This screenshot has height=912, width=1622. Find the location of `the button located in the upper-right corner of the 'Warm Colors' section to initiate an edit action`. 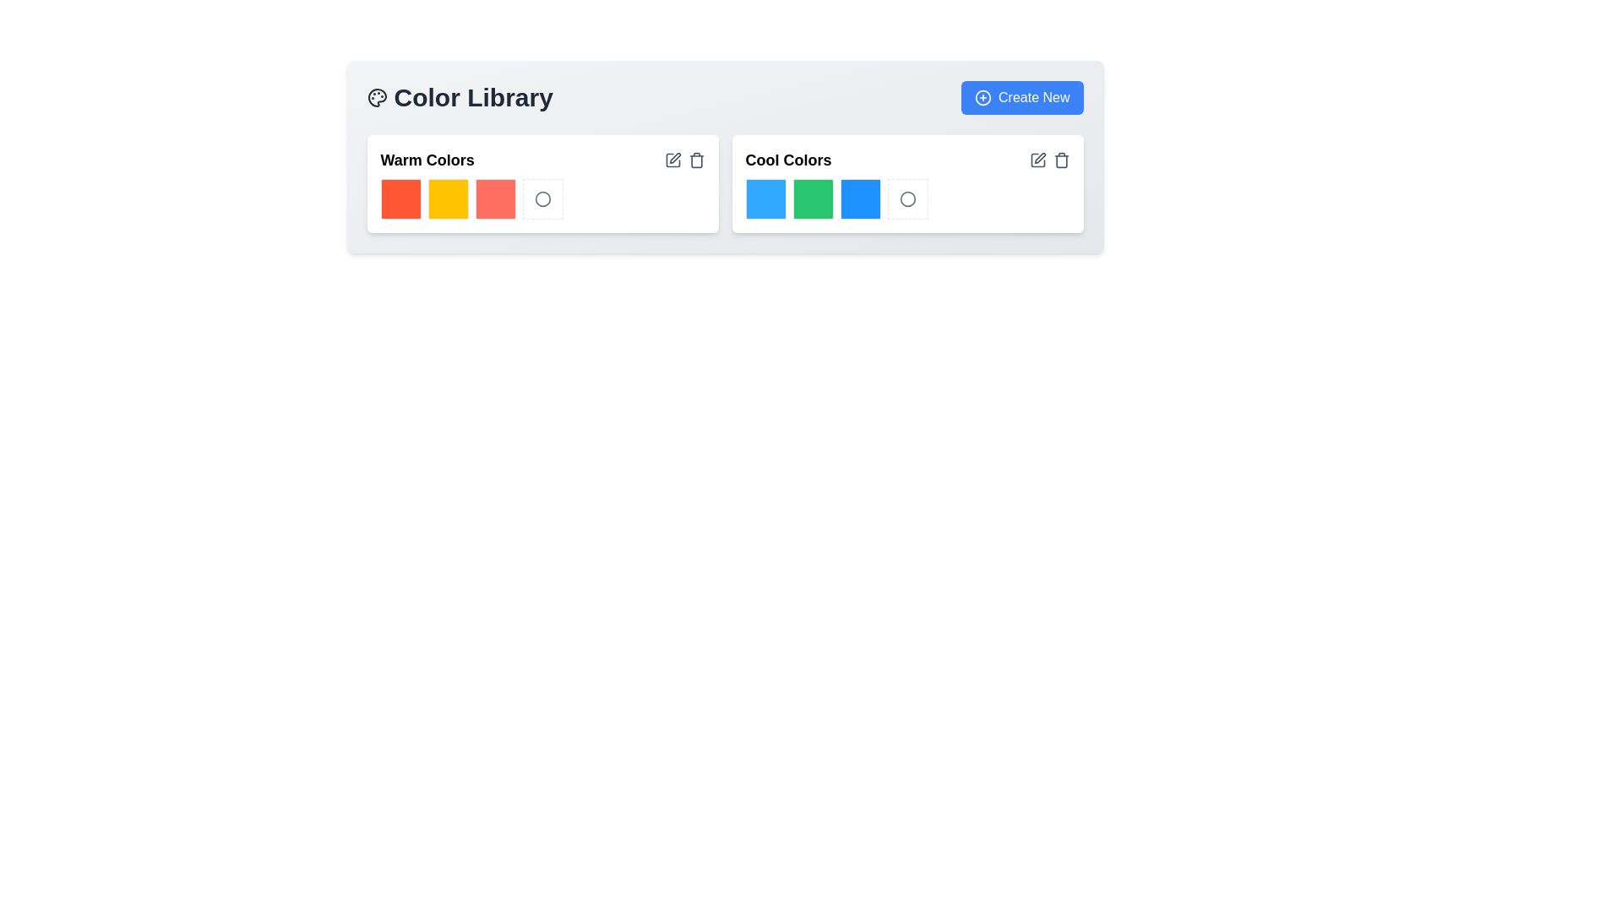

the button located in the upper-right corner of the 'Warm Colors' section to initiate an edit action is located at coordinates (672, 160).